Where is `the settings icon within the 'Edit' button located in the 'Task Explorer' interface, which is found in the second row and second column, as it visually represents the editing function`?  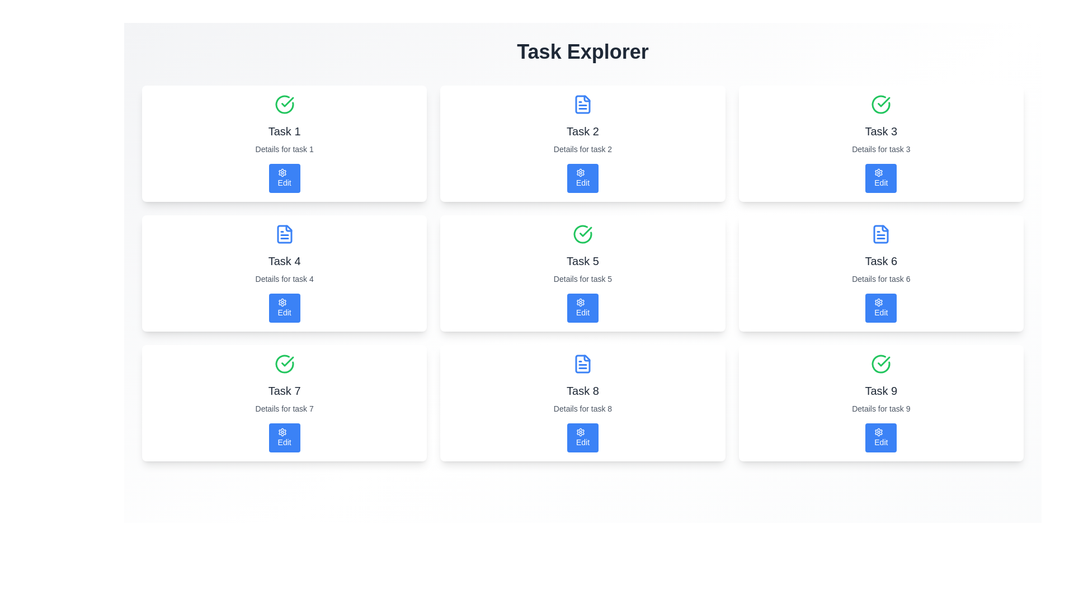
the settings icon within the 'Edit' button located in the 'Task Explorer' interface, which is found in the second row and second column, as it visually represents the editing function is located at coordinates (580, 302).